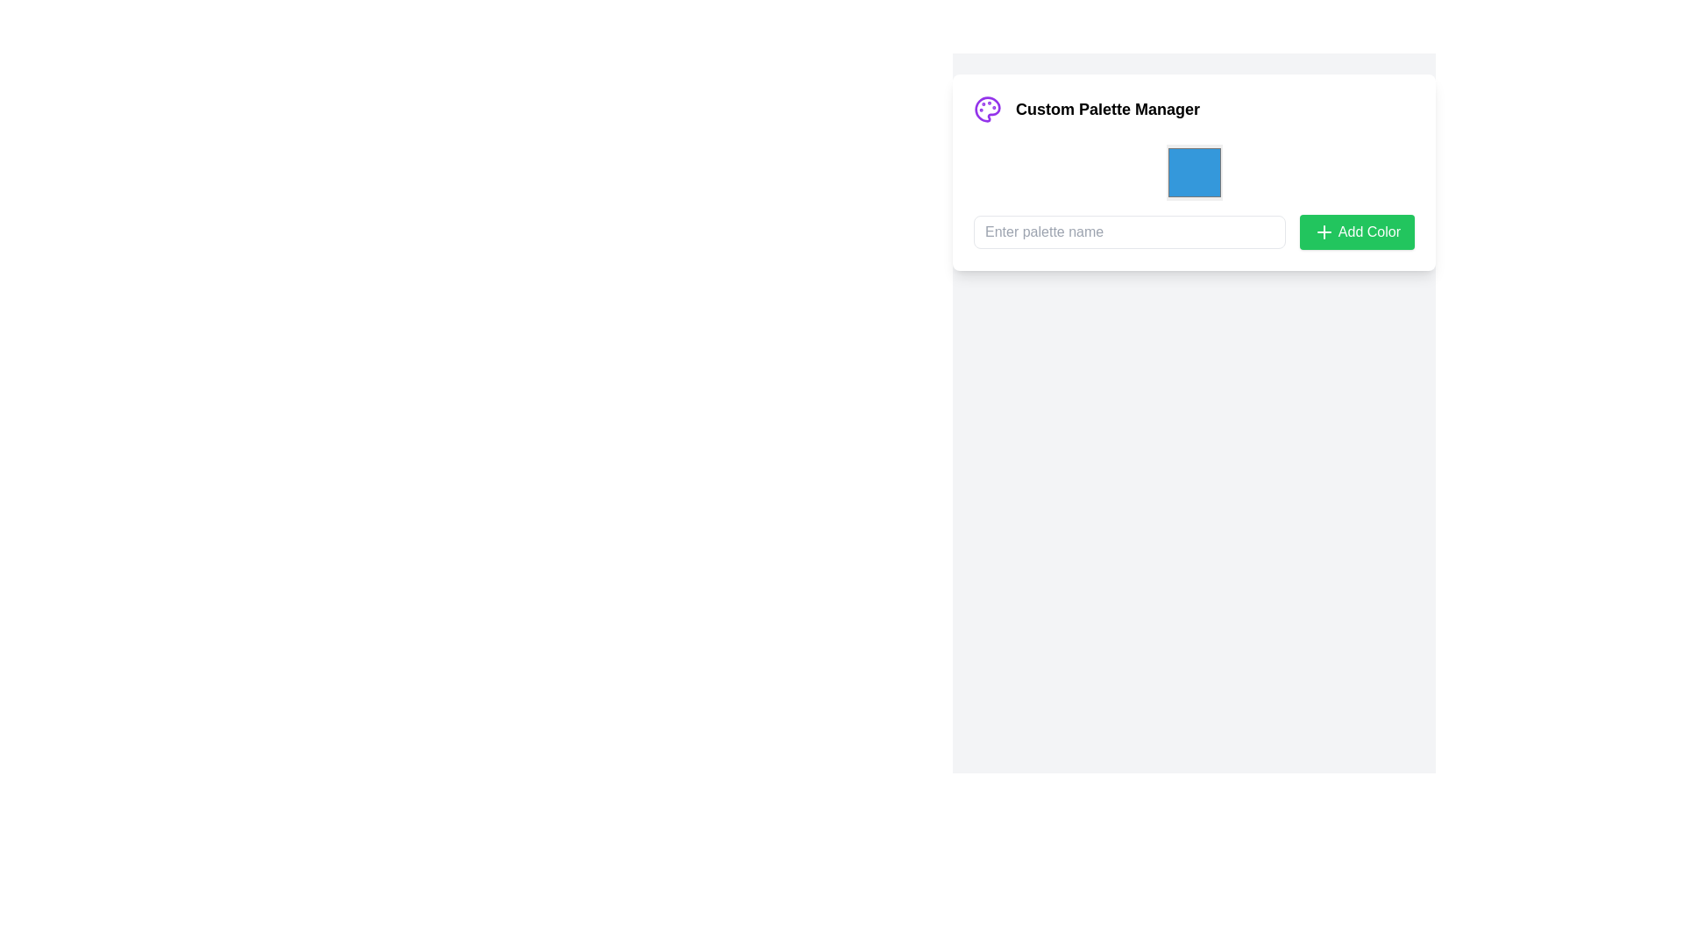  I want to click on the central shape of the SVG icon resembling a palette symbol, which has a purple outline and is located next to the text 'Custom Palette Manager' in the header section, so click(988, 109).